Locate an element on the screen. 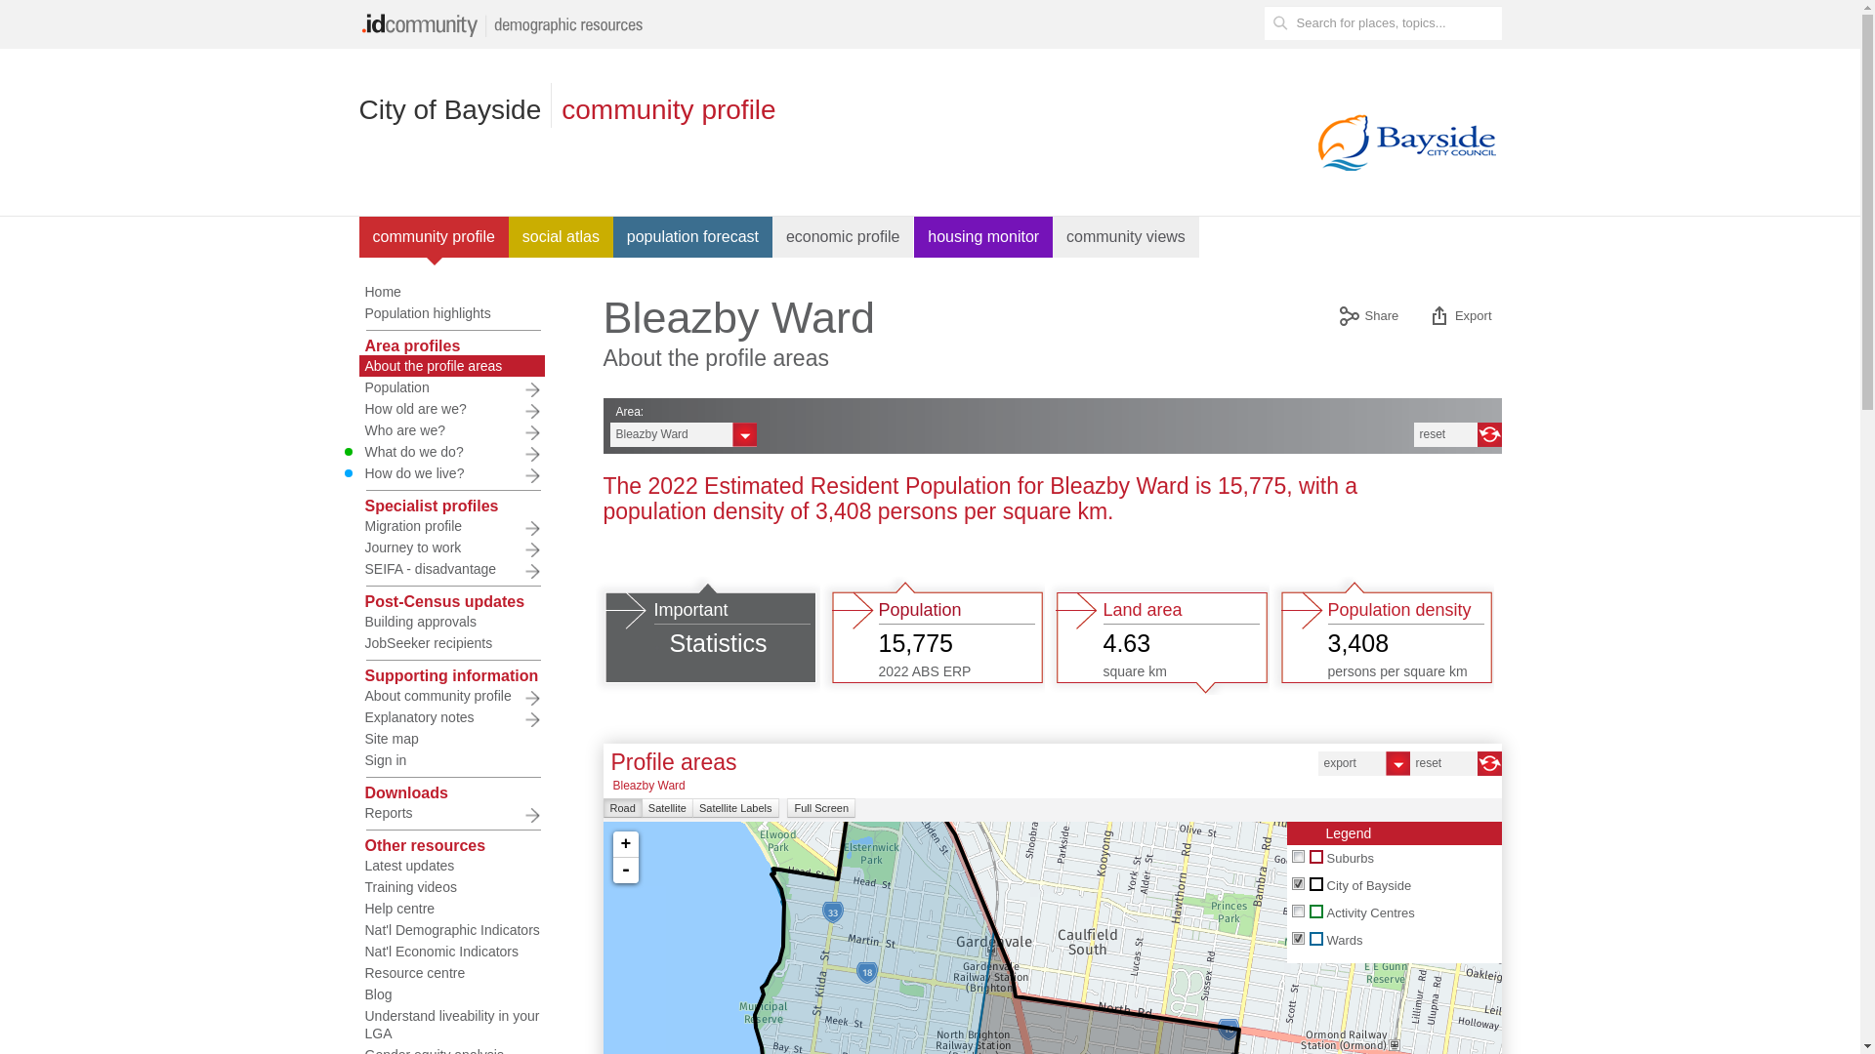 The width and height of the screenshot is (1875, 1054). 'Blog' is located at coordinates (450, 993).